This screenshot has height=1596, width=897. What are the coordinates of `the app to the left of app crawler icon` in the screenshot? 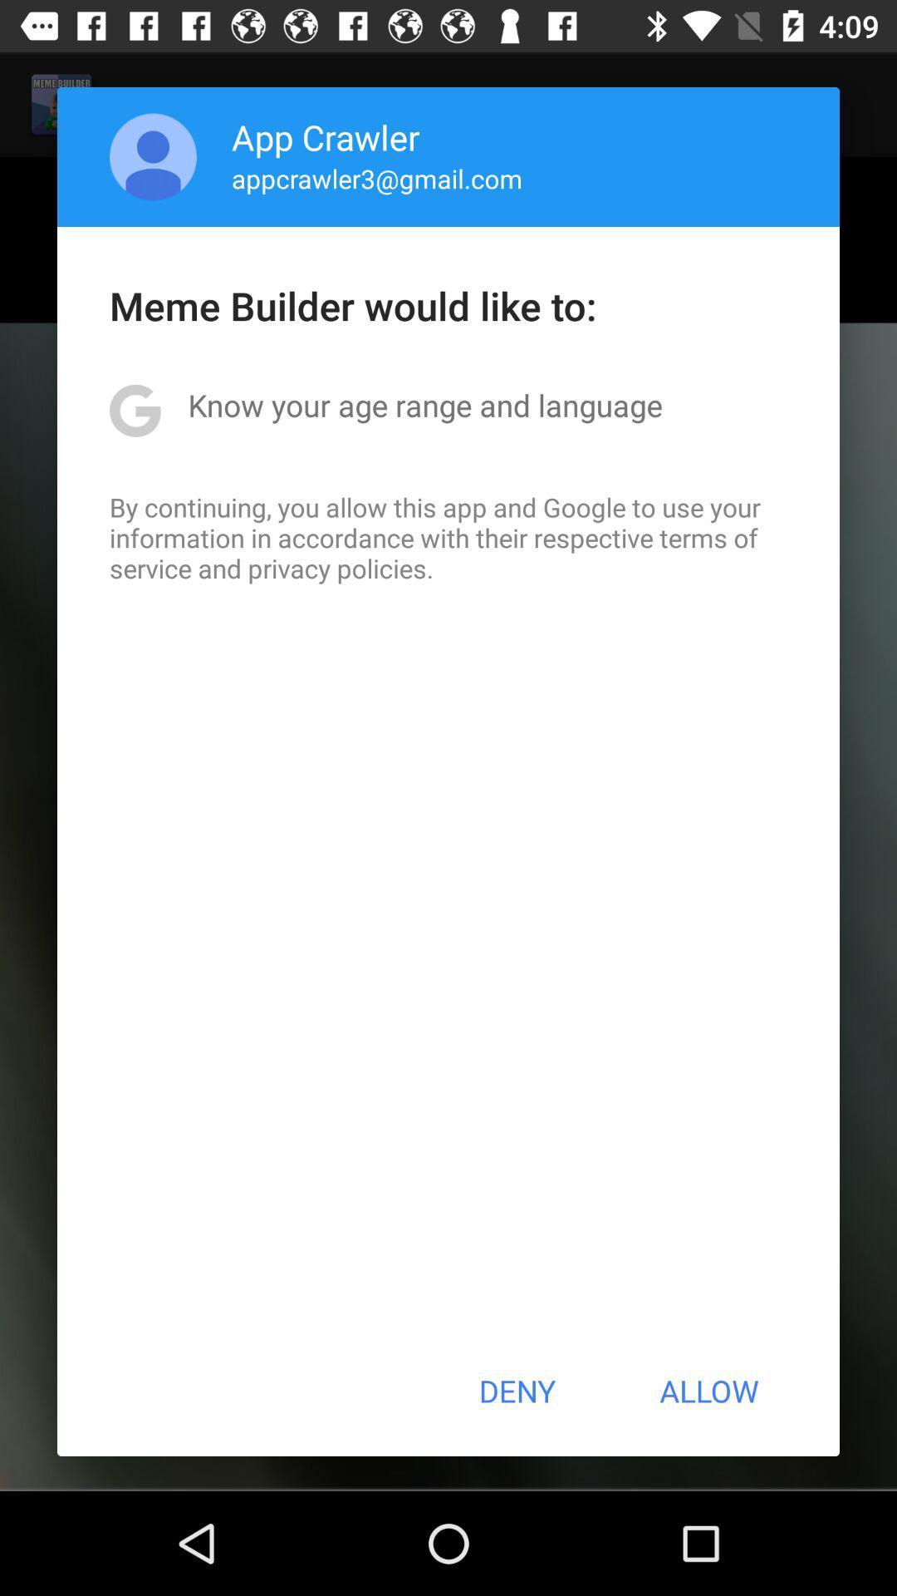 It's located at (153, 156).